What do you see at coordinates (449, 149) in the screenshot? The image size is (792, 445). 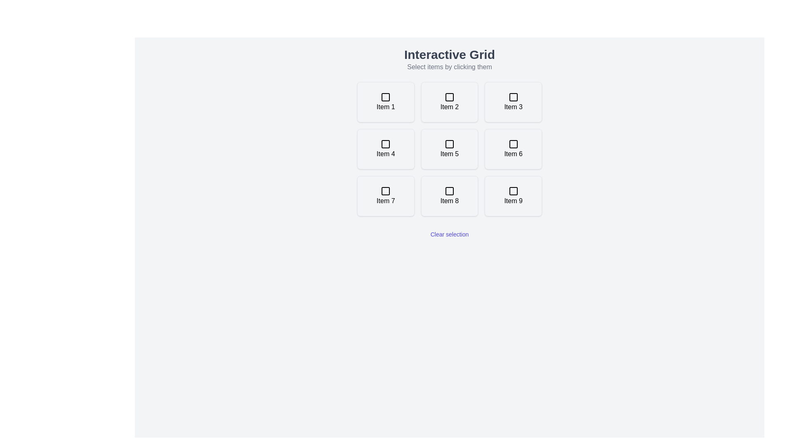 I see `multiple items in the interactive grid layout by clicking on the grid items, which are arranged in a center-aligned format with three columns and multiple rows` at bounding box center [449, 149].